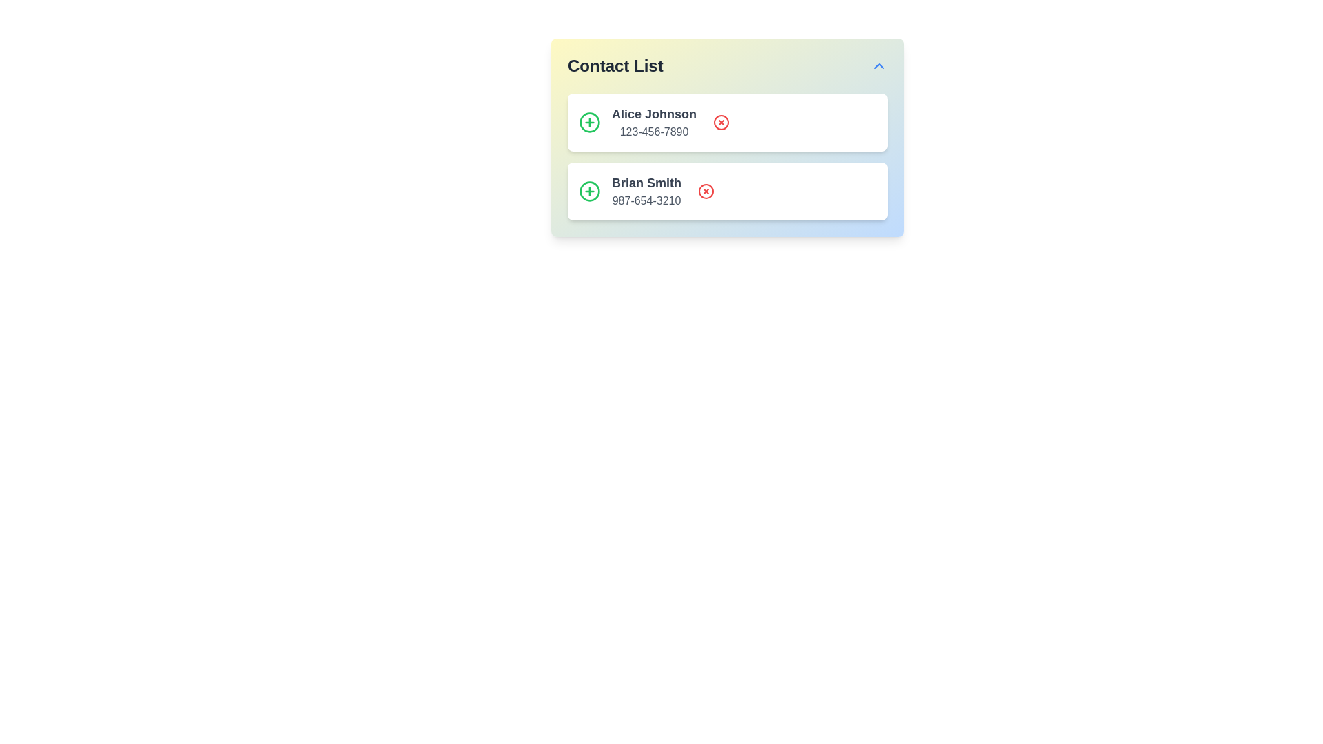 The width and height of the screenshot is (1323, 744). I want to click on the Icon button located to the left of the text 'Brian Smith', so click(589, 121).